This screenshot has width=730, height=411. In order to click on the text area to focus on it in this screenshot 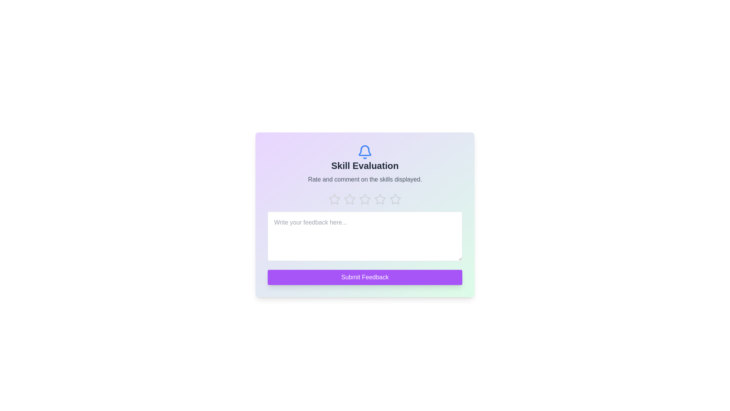, I will do `click(365, 236)`.